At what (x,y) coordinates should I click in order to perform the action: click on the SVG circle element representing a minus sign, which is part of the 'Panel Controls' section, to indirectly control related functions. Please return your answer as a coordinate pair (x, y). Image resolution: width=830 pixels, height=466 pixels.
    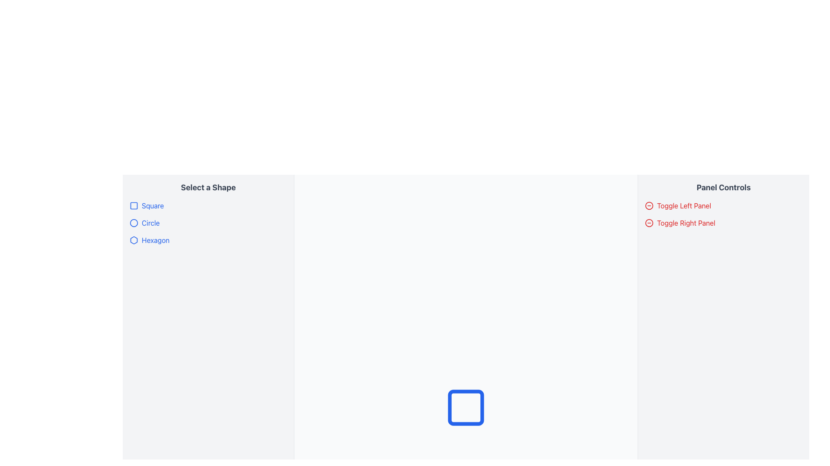
    Looking at the image, I should click on (649, 222).